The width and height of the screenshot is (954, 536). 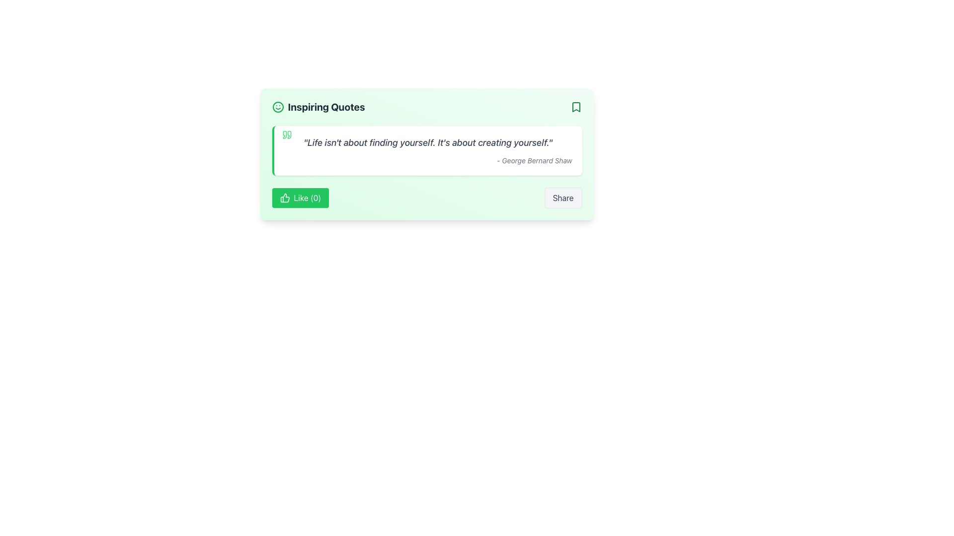 What do you see at coordinates (307, 198) in the screenshot?
I see `the 'Like' text label within the green button located at the bottom-left side of the content box` at bounding box center [307, 198].